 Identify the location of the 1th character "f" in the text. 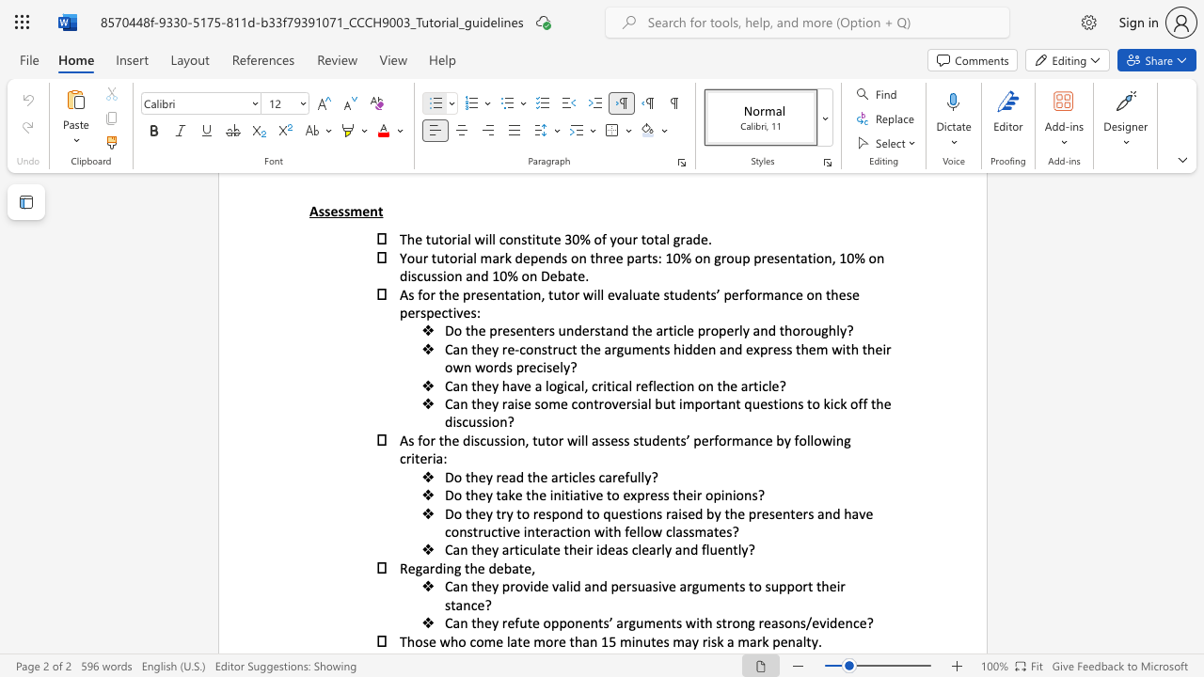
(703, 549).